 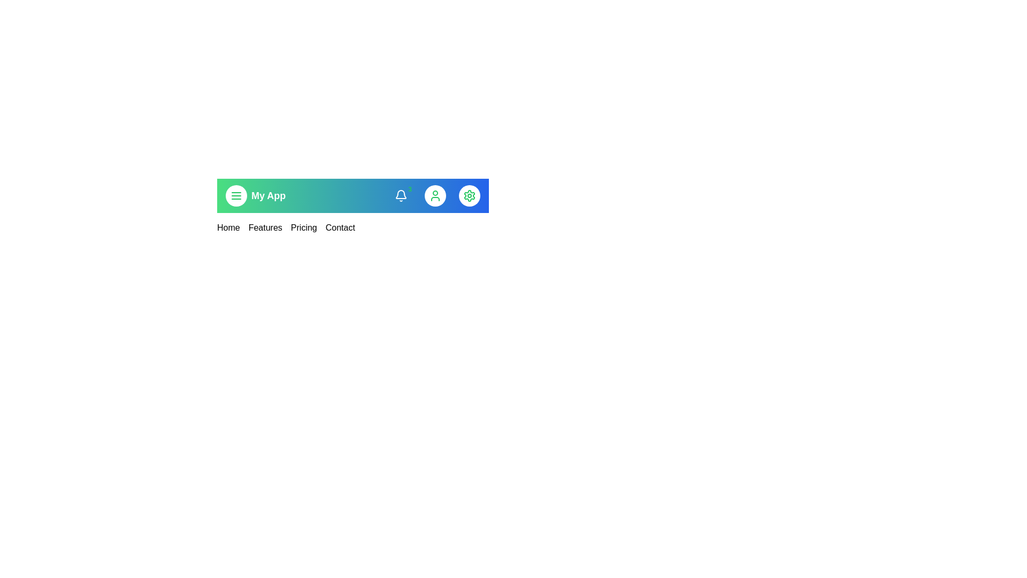 I want to click on the menu link corresponding to Pricing, so click(x=303, y=227).